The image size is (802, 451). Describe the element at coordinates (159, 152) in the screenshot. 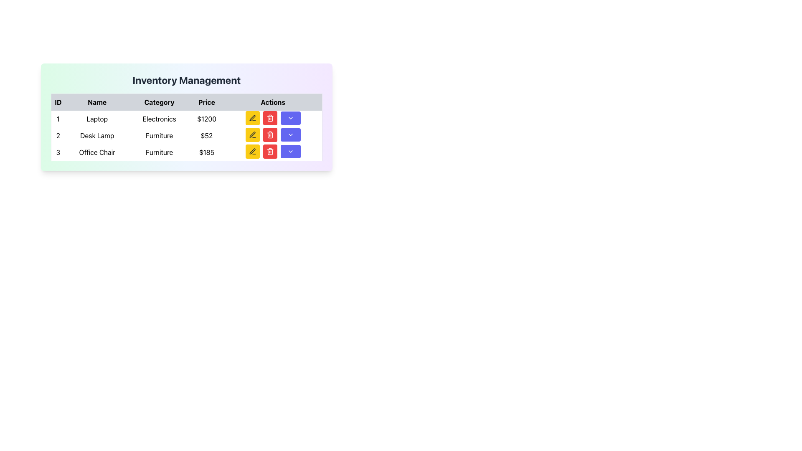

I see `the 'Furniture' Text Label in the third row of the table under the 'Category' column, which is positioned between the 'Office Chair' cell and the price cell '$185'` at that location.